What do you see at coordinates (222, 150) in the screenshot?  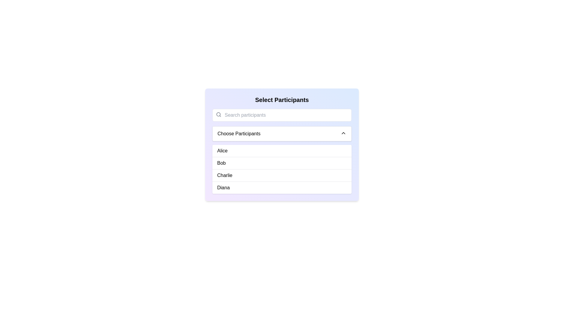 I see `the text label 'Alice' in the selectable list under the header 'Choose Participants'` at bounding box center [222, 150].